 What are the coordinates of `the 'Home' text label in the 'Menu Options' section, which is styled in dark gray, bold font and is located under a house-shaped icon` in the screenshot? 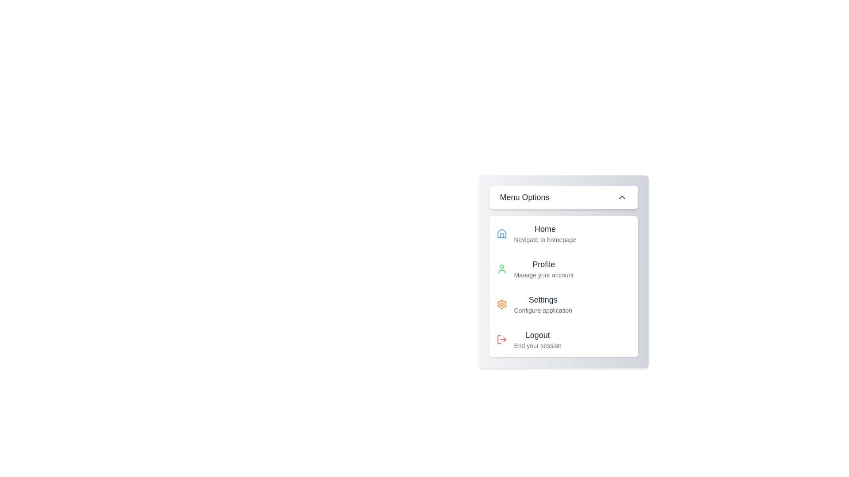 It's located at (545, 229).